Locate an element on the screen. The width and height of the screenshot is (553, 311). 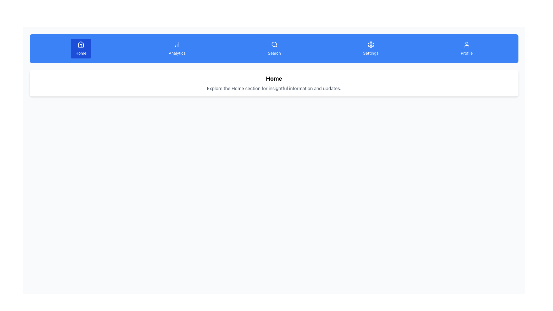
the 'Analytics' button, which features a vertical bar chart icon and is located in the horizontal navigation bar is located at coordinates (177, 48).